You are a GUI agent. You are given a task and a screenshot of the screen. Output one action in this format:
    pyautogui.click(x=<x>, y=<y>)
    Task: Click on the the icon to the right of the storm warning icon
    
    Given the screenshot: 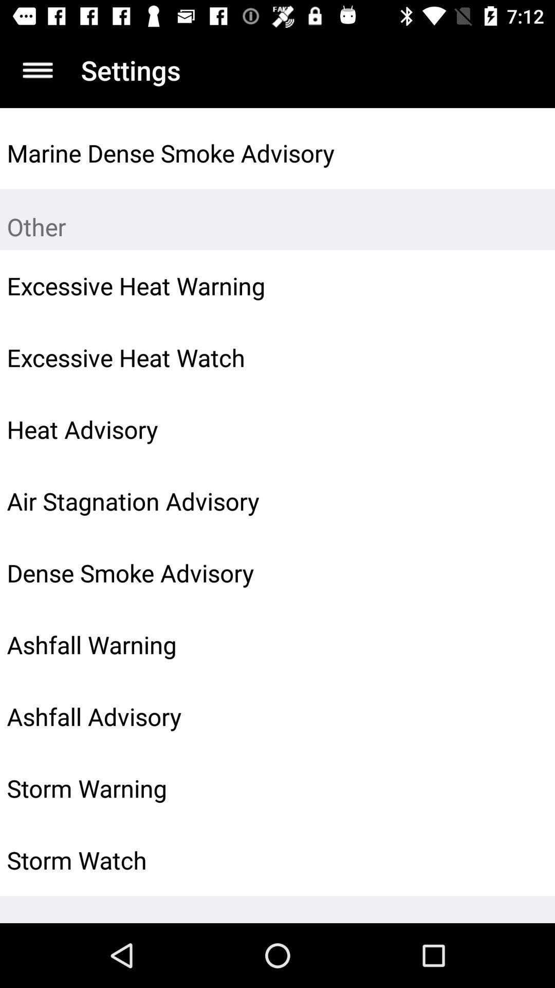 What is the action you would take?
    pyautogui.click(x=523, y=788)
    